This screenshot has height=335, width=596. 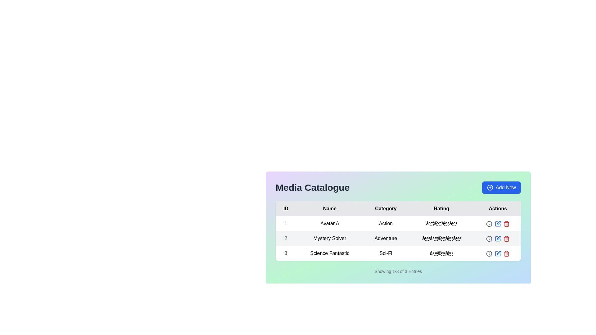 What do you see at coordinates (498, 224) in the screenshot?
I see `the pen icon button located in the actions section of the second row in the 'Media Catalogue' interface` at bounding box center [498, 224].